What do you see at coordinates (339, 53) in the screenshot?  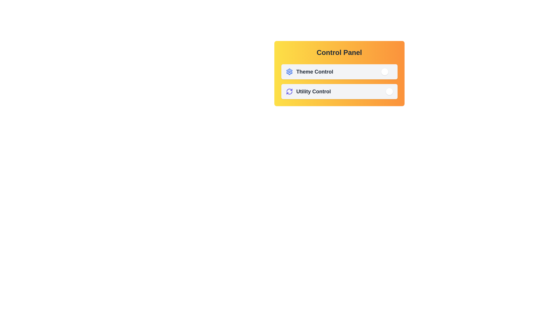 I see `the 'Control Panel' text label, which is a bold header at the top of the panel with a gradient orange-yellow background` at bounding box center [339, 53].